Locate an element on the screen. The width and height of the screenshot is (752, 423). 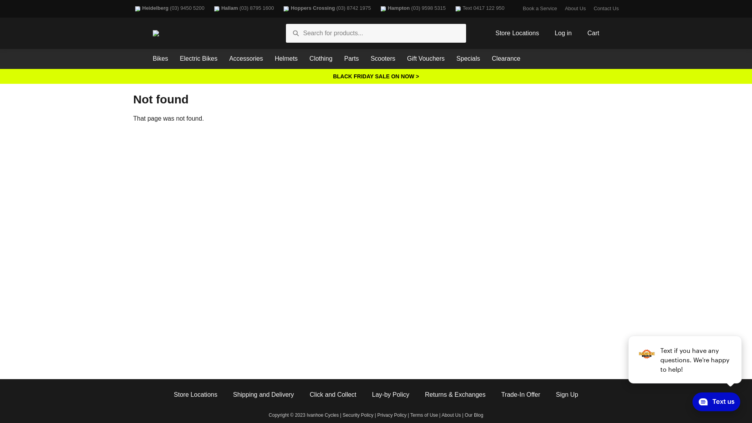
'Trade-In Offer' is located at coordinates (501, 395).